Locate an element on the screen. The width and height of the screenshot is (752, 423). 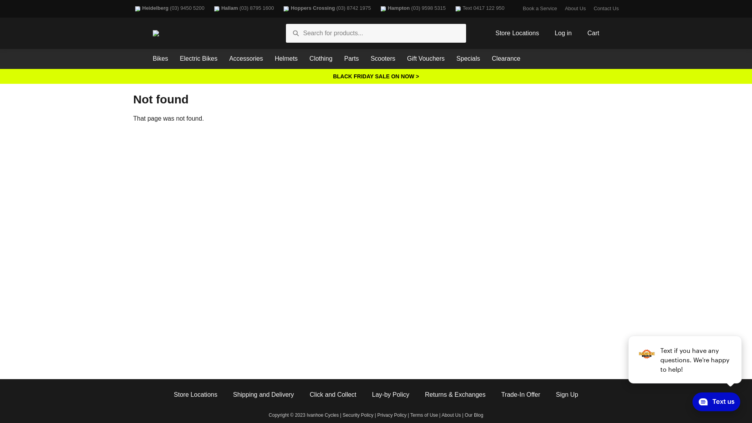
'Trade-In Offer' is located at coordinates (501, 395).